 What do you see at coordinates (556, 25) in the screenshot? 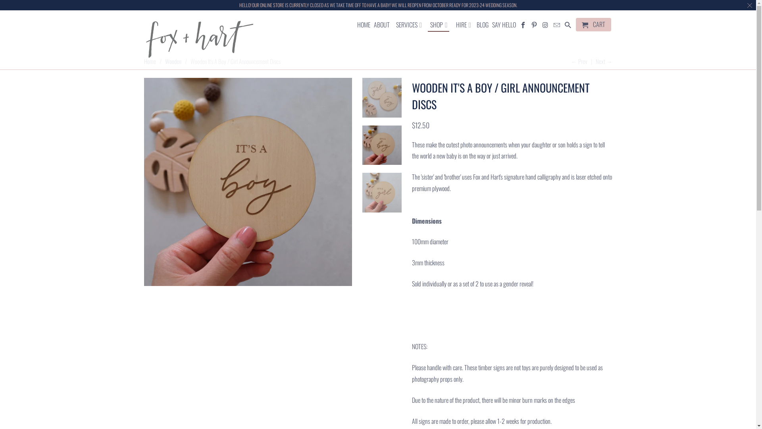
I see `'Email Fox and Hart'` at bounding box center [556, 25].